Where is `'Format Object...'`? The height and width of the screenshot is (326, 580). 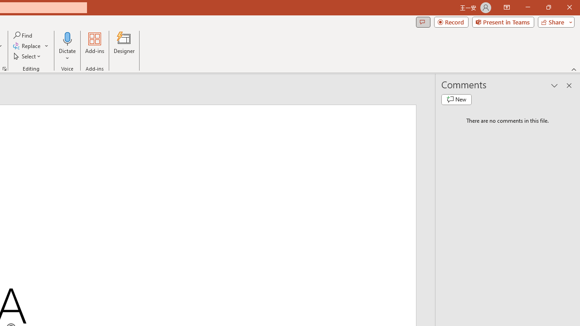
'Format Object...' is located at coordinates (5, 68).